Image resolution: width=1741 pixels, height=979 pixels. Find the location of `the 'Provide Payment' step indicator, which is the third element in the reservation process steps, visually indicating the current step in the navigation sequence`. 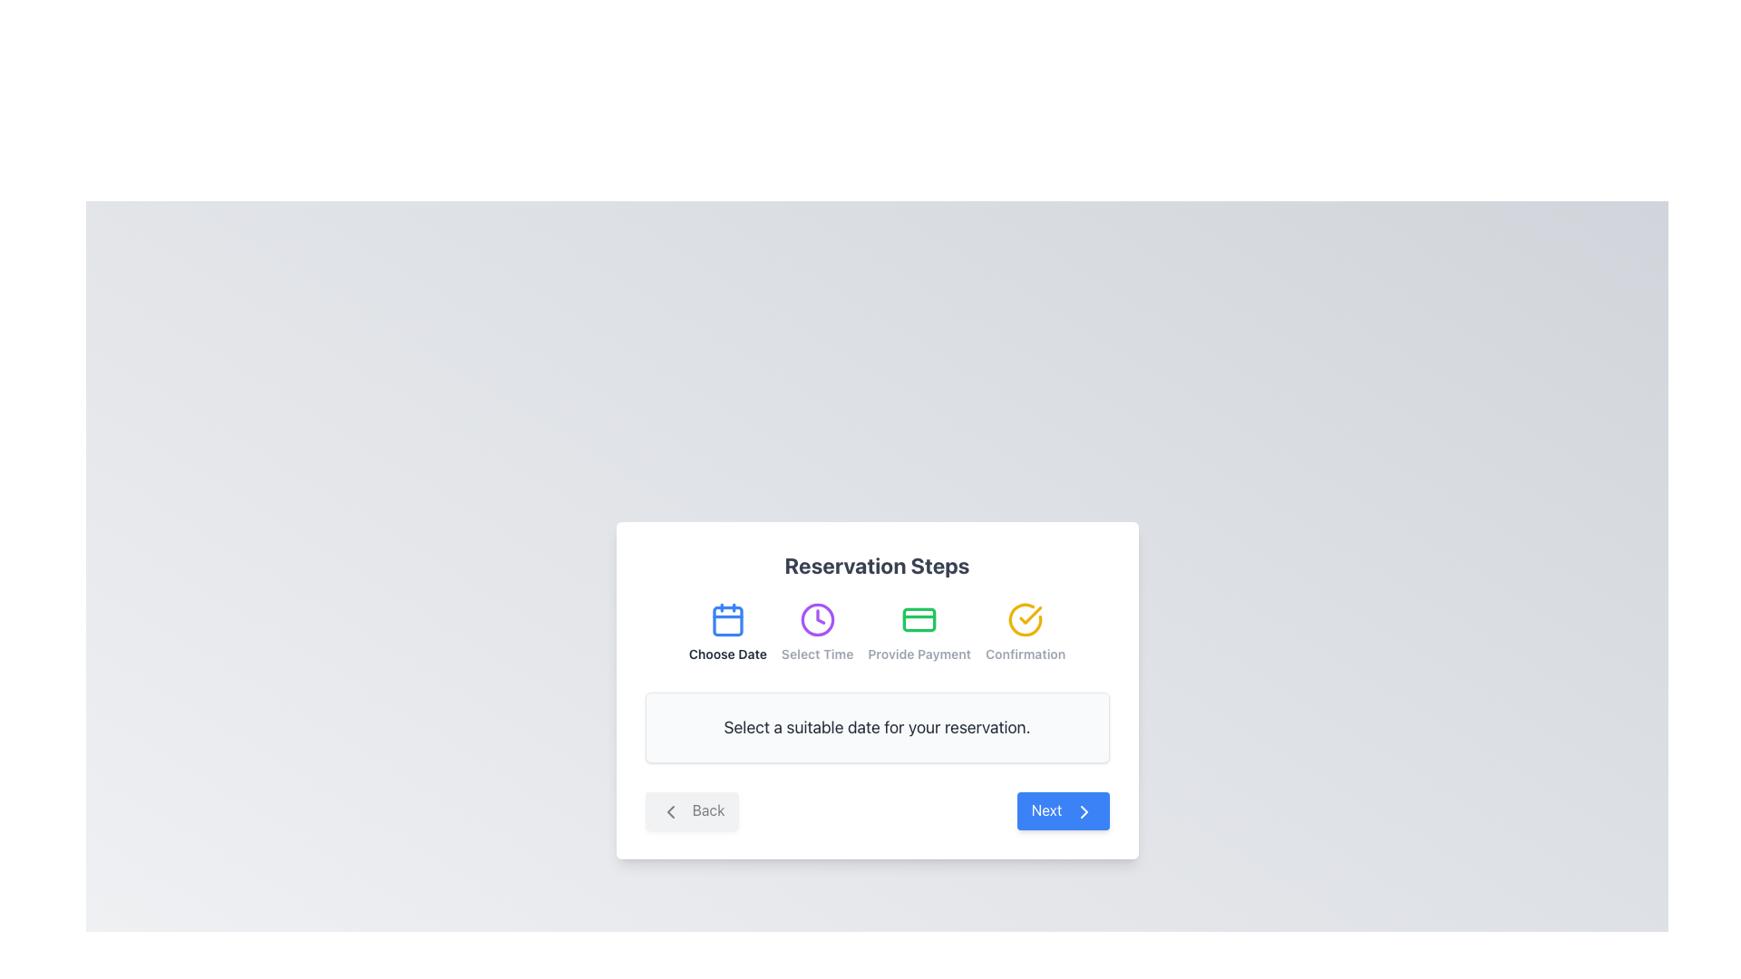

the 'Provide Payment' step indicator, which is the third element in the reservation process steps, visually indicating the current step in the navigation sequence is located at coordinates (919, 632).